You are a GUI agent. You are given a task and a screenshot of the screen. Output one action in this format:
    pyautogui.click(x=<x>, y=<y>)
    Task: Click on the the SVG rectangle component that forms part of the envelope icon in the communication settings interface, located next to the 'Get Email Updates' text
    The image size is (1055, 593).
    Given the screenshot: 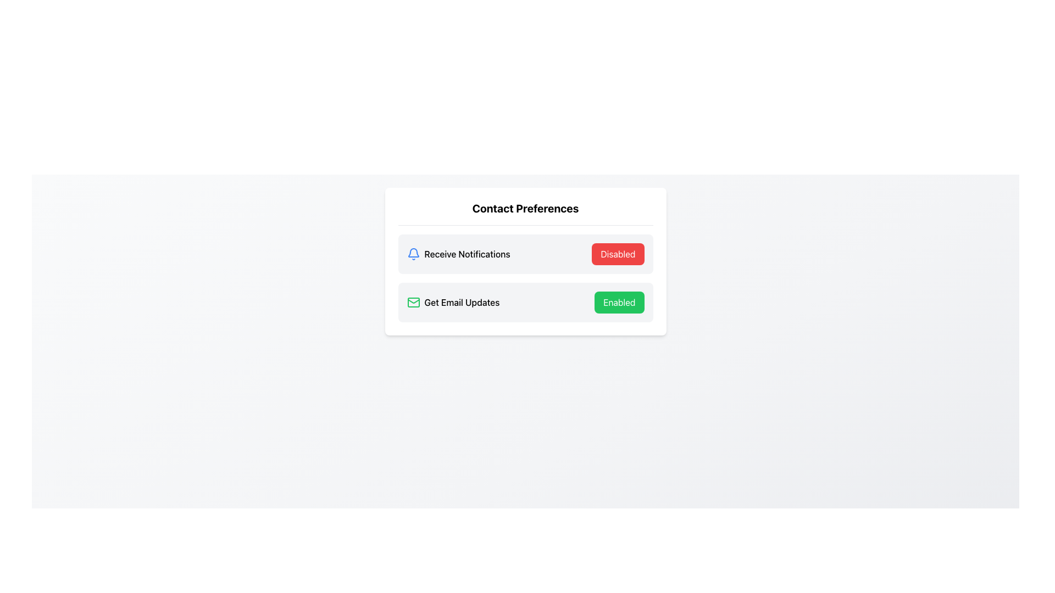 What is the action you would take?
    pyautogui.click(x=413, y=303)
    